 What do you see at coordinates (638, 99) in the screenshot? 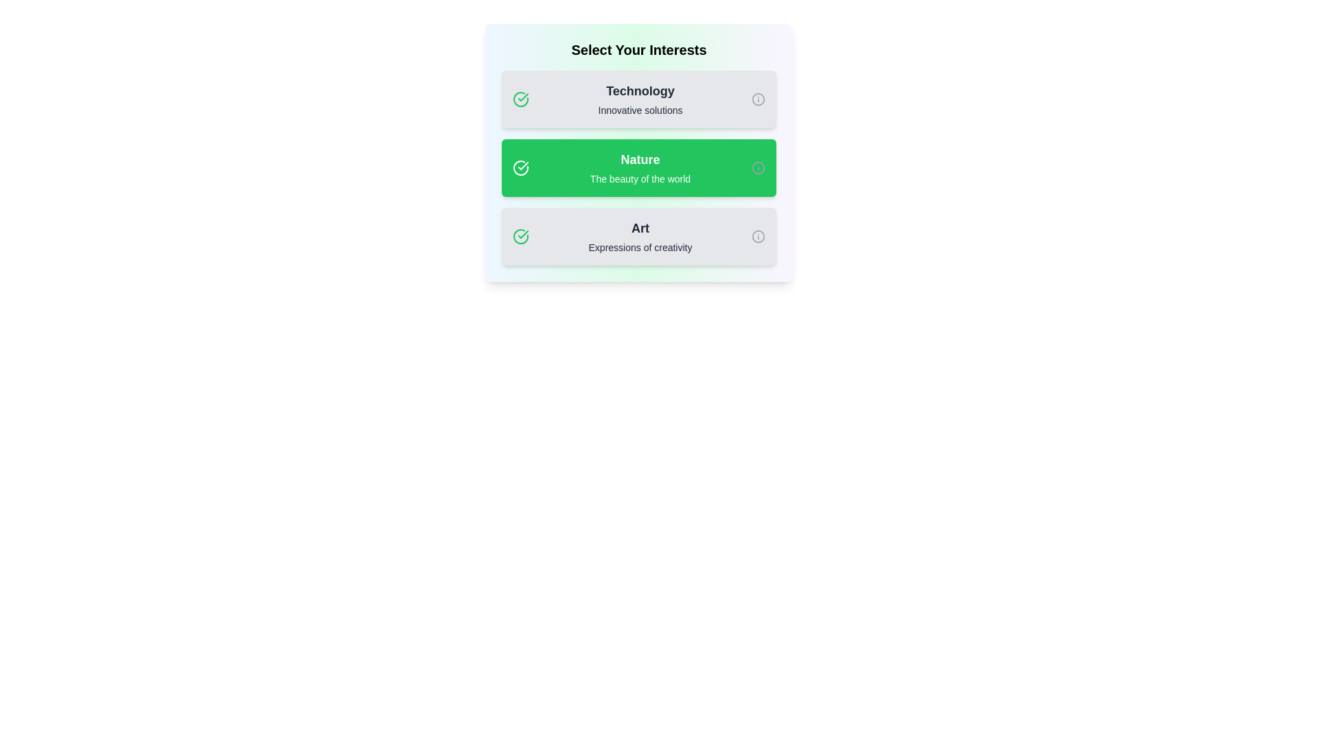
I see `the tag labeled 'Technology' to observe the visual feedback` at bounding box center [638, 99].